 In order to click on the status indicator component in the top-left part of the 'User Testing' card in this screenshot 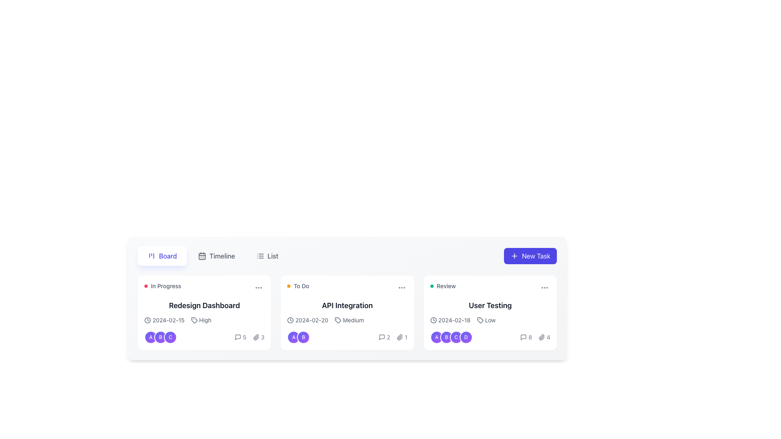, I will do `click(443, 286)`.